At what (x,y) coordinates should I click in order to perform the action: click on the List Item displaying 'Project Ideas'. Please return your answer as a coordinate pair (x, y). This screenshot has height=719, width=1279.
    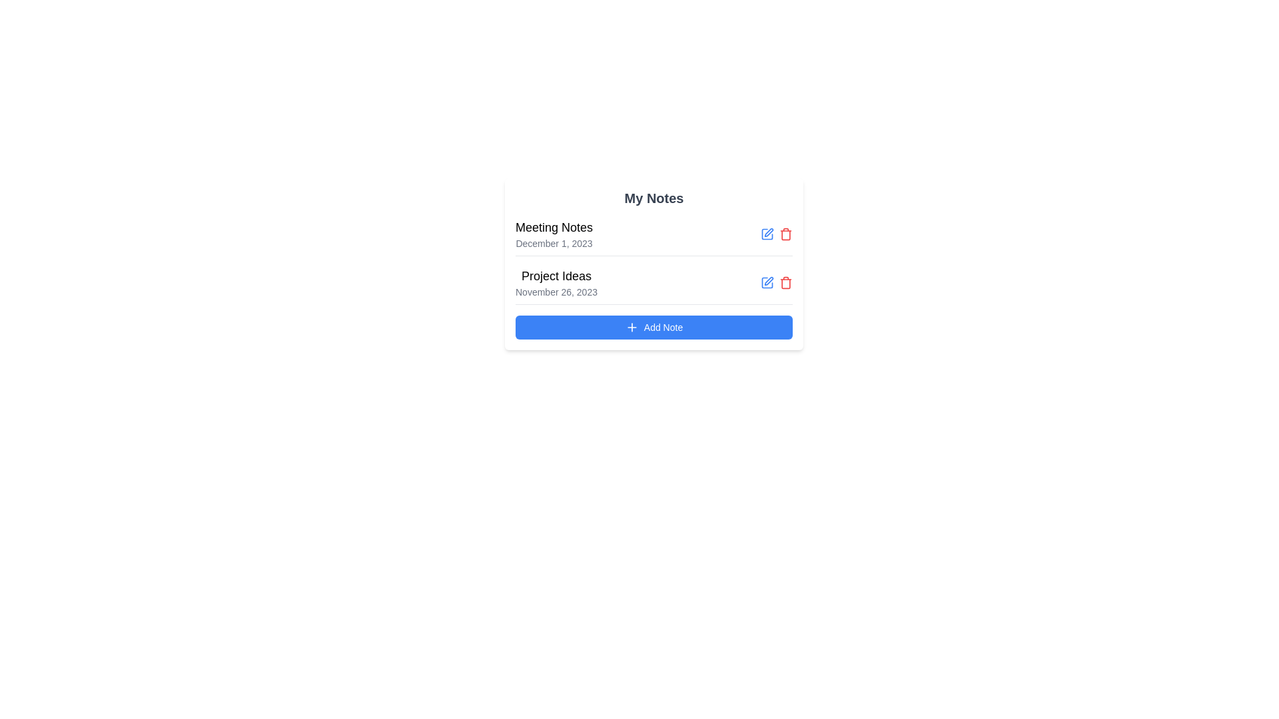
    Looking at the image, I should click on (654, 285).